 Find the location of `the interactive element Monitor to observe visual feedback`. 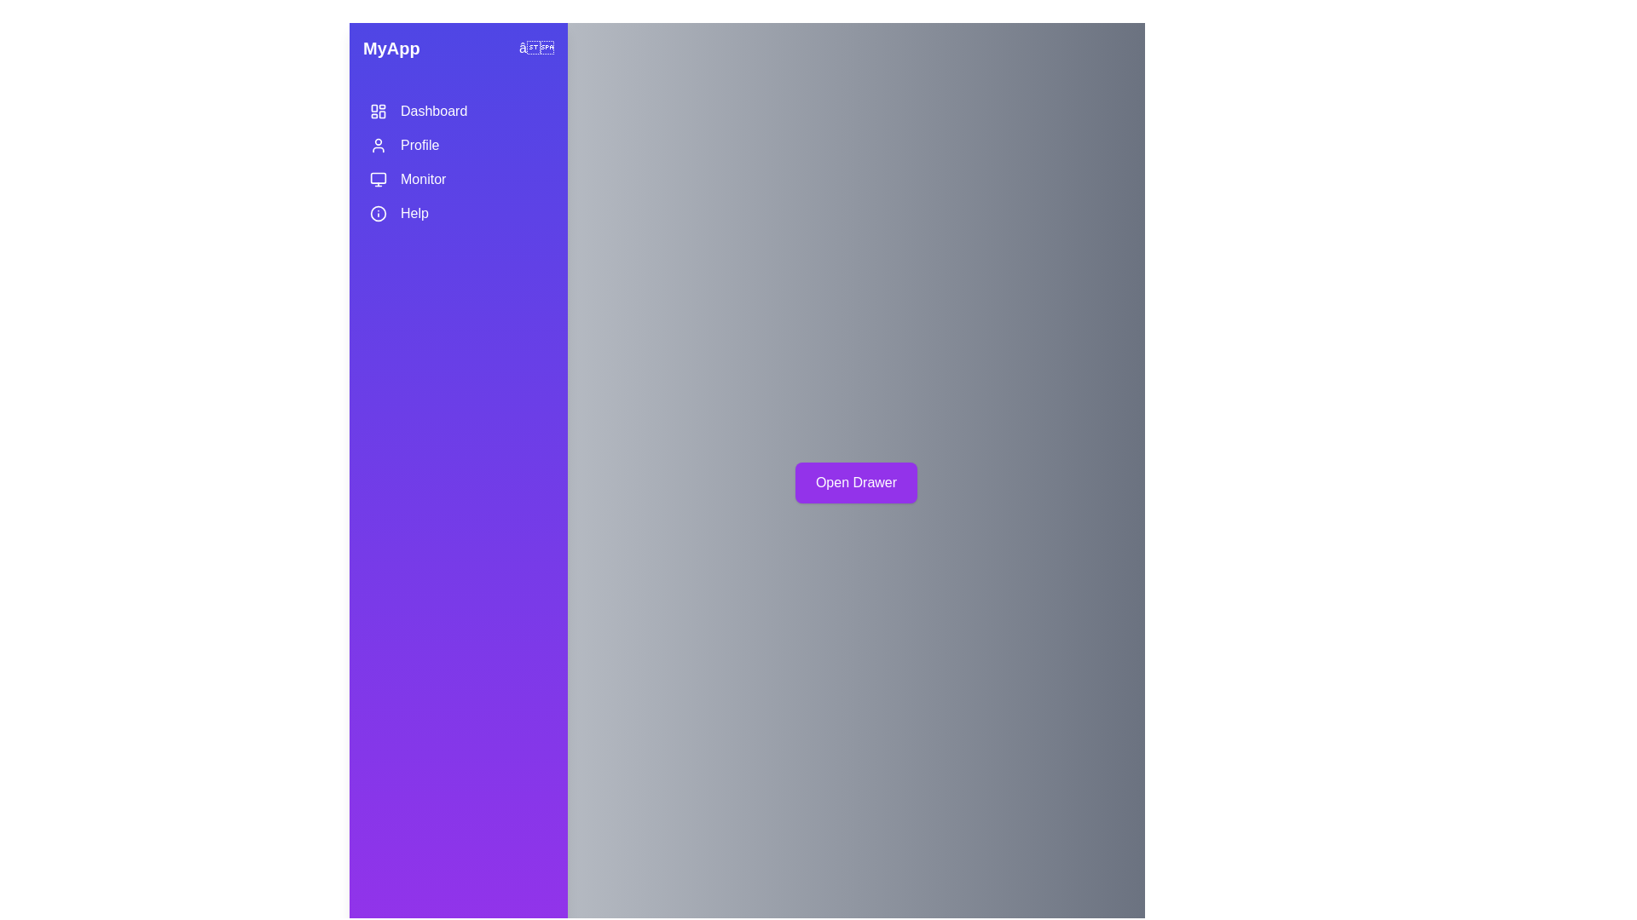

the interactive element Monitor to observe visual feedback is located at coordinates (458, 180).